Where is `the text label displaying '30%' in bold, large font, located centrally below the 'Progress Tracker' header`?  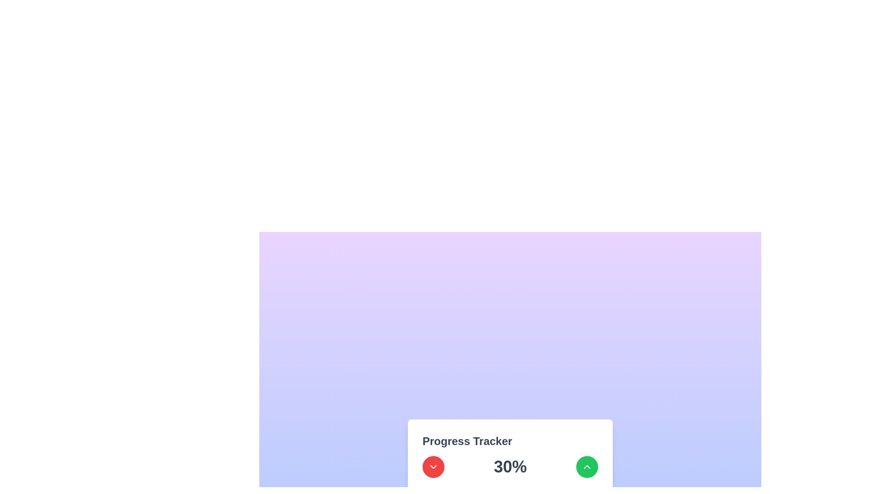
the text label displaying '30%' in bold, large font, located centrally below the 'Progress Tracker' header is located at coordinates (510, 467).